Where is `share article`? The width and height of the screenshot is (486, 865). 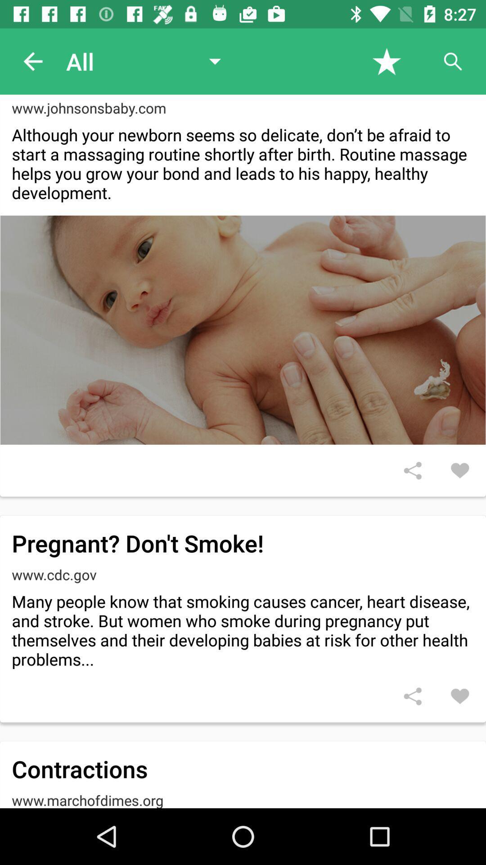
share article is located at coordinates (413, 470).